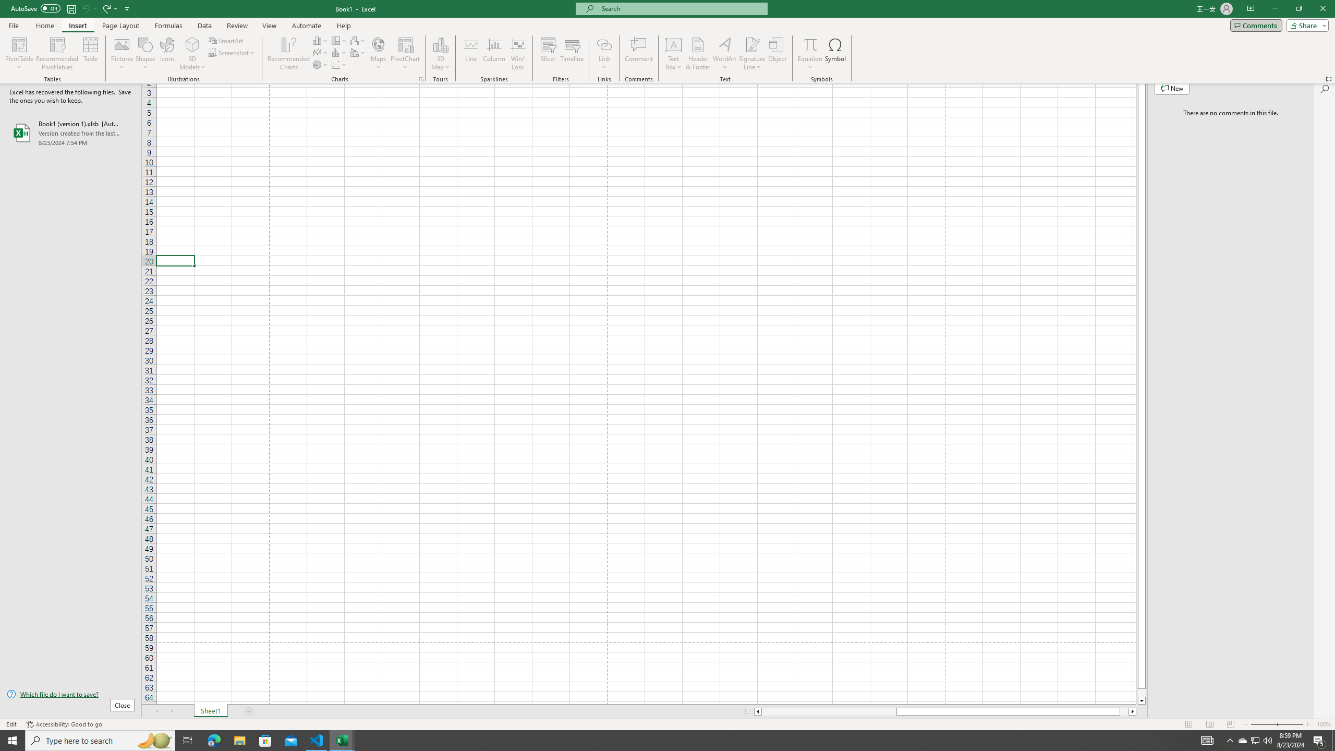 The height and width of the screenshot is (751, 1335). Describe the element at coordinates (239, 740) in the screenshot. I see `'File Explorer'` at that location.